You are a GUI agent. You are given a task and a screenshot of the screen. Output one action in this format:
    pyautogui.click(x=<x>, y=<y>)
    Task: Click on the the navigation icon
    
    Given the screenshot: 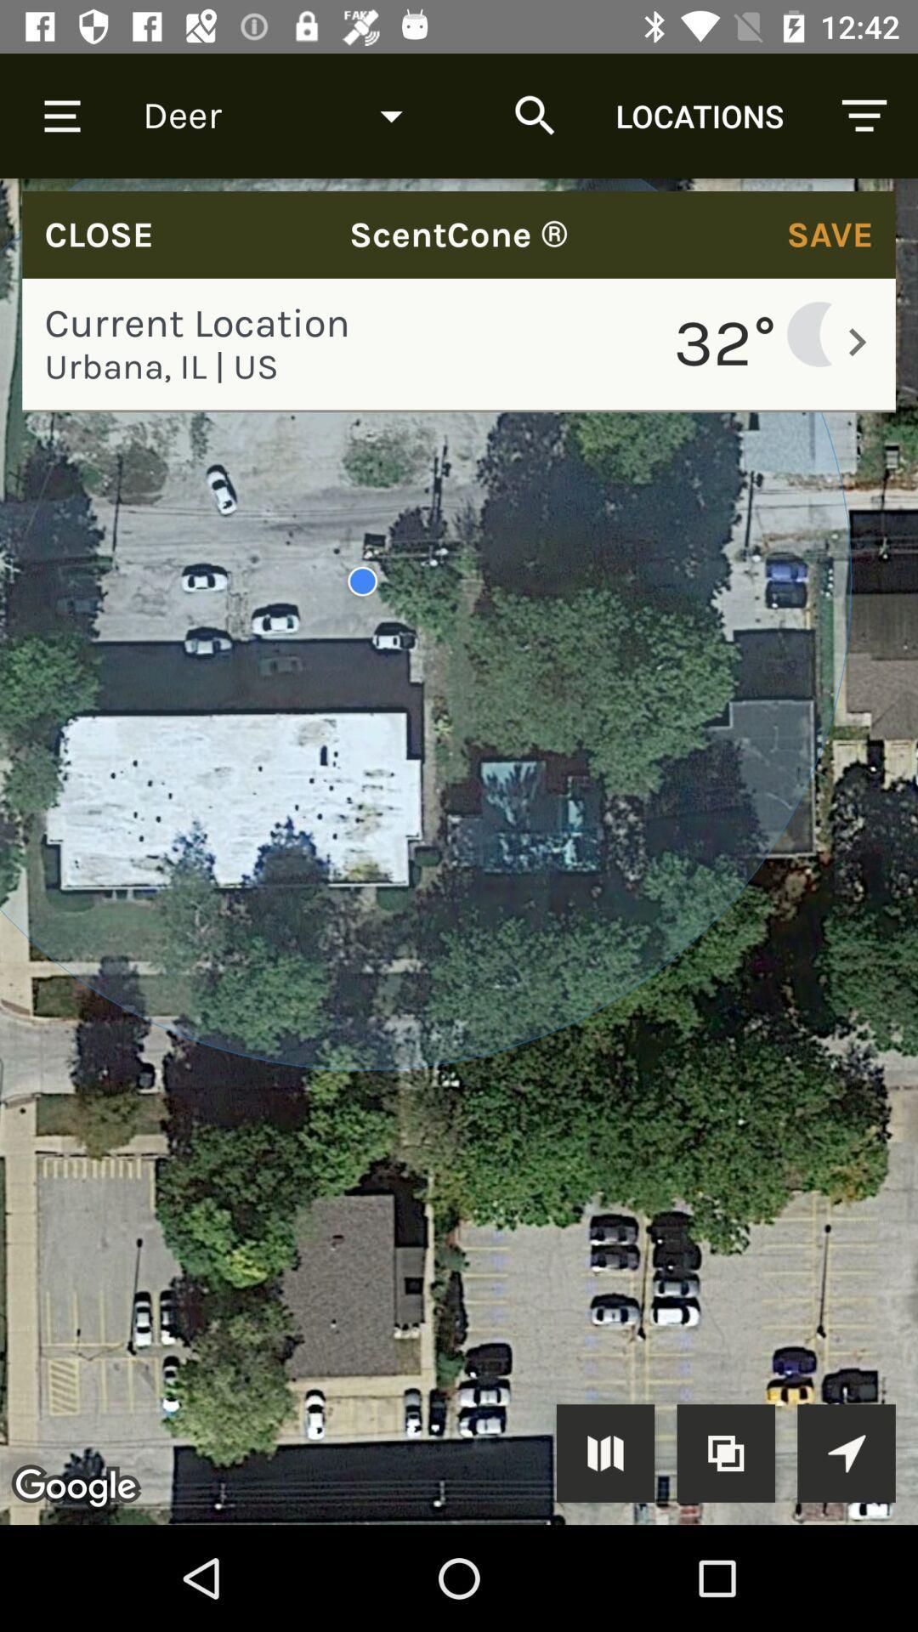 What is the action you would take?
    pyautogui.click(x=846, y=1452)
    